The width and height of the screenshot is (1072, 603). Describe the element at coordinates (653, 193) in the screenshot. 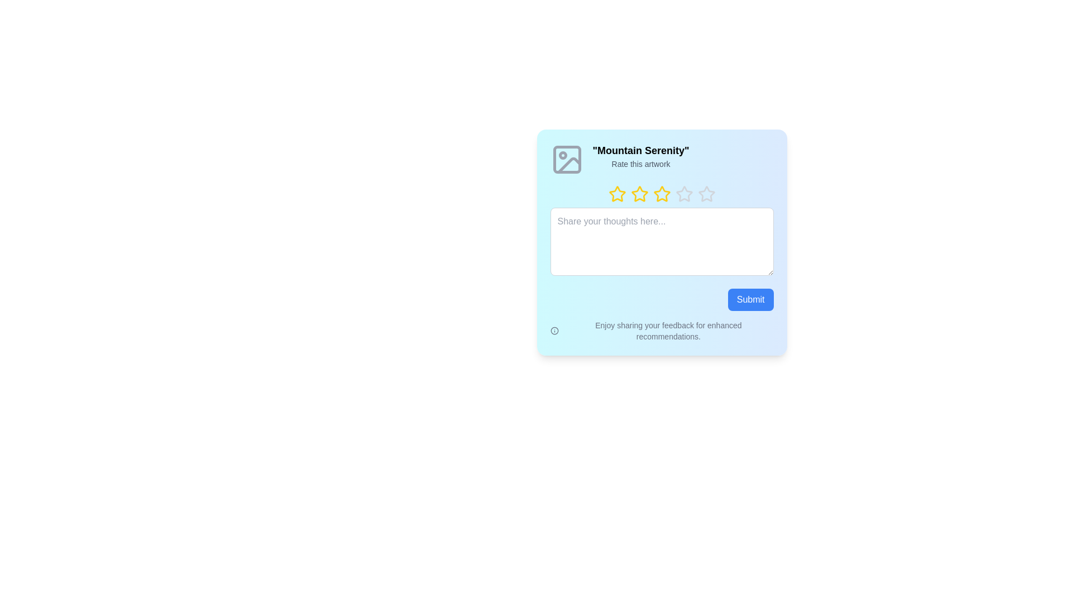

I see `the rating to 3 stars by clicking on the respective star` at that location.